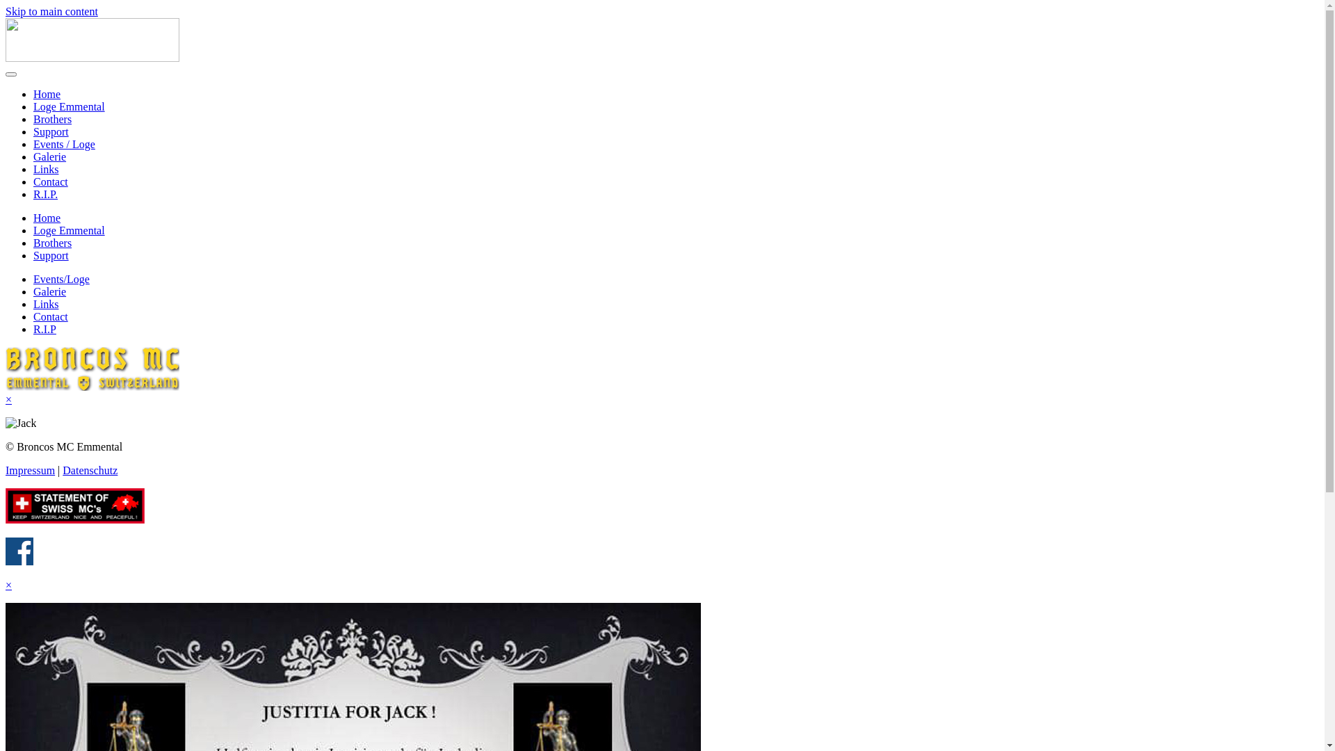 The height and width of the screenshot is (751, 1335). I want to click on 'Home', so click(47, 94).